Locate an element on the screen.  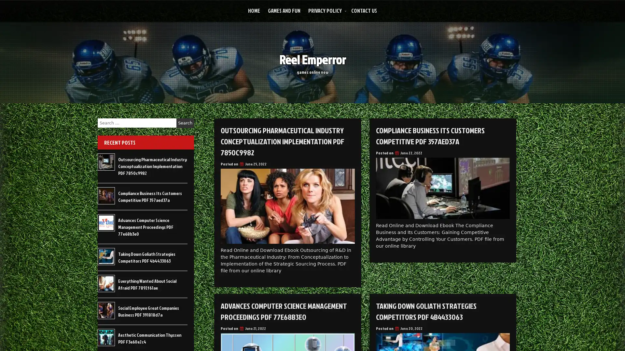
Search is located at coordinates (185, 123).